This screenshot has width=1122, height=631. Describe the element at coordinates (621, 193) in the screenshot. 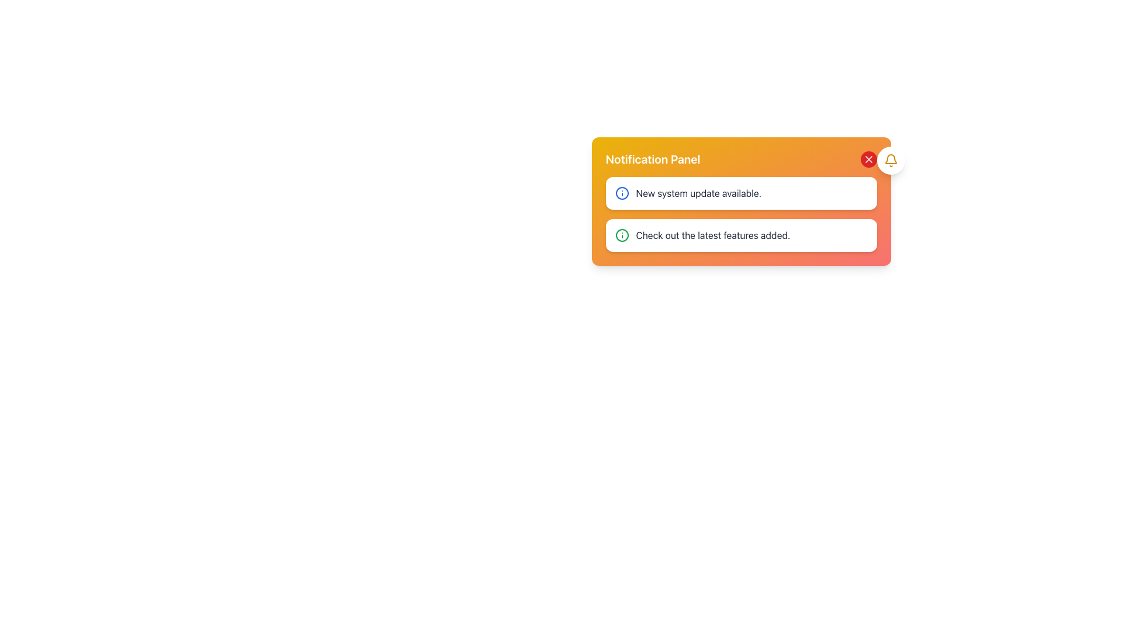

I see `the circular vector graphic element with a blue border that is part of an icon adjacent to the notification message panel containing the text 'Check out the latest features added.'` at that location.